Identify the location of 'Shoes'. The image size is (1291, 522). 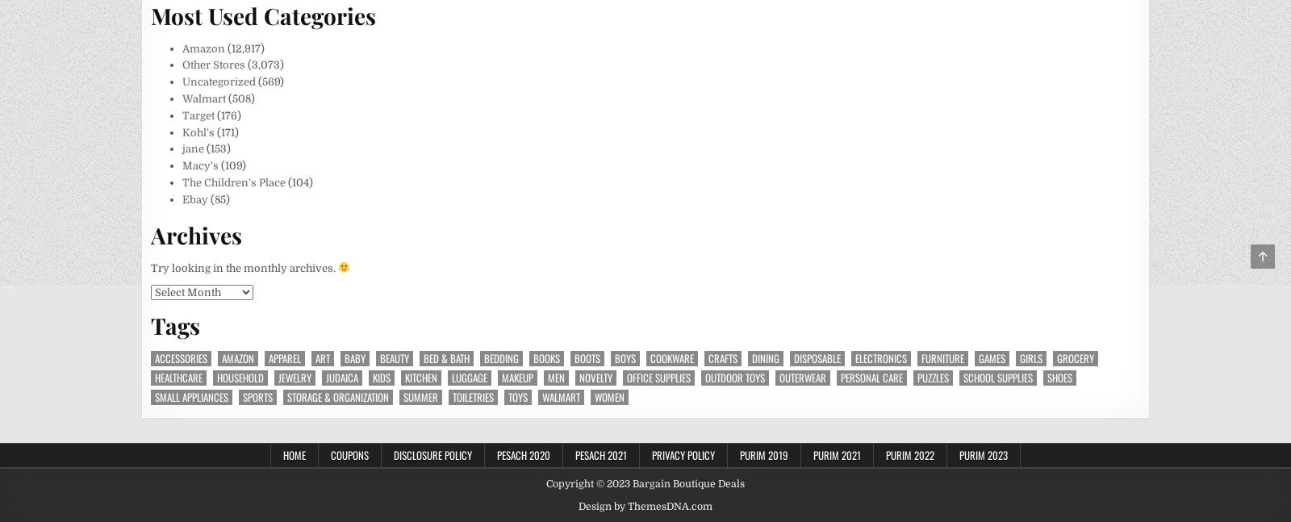
(1059, 376).